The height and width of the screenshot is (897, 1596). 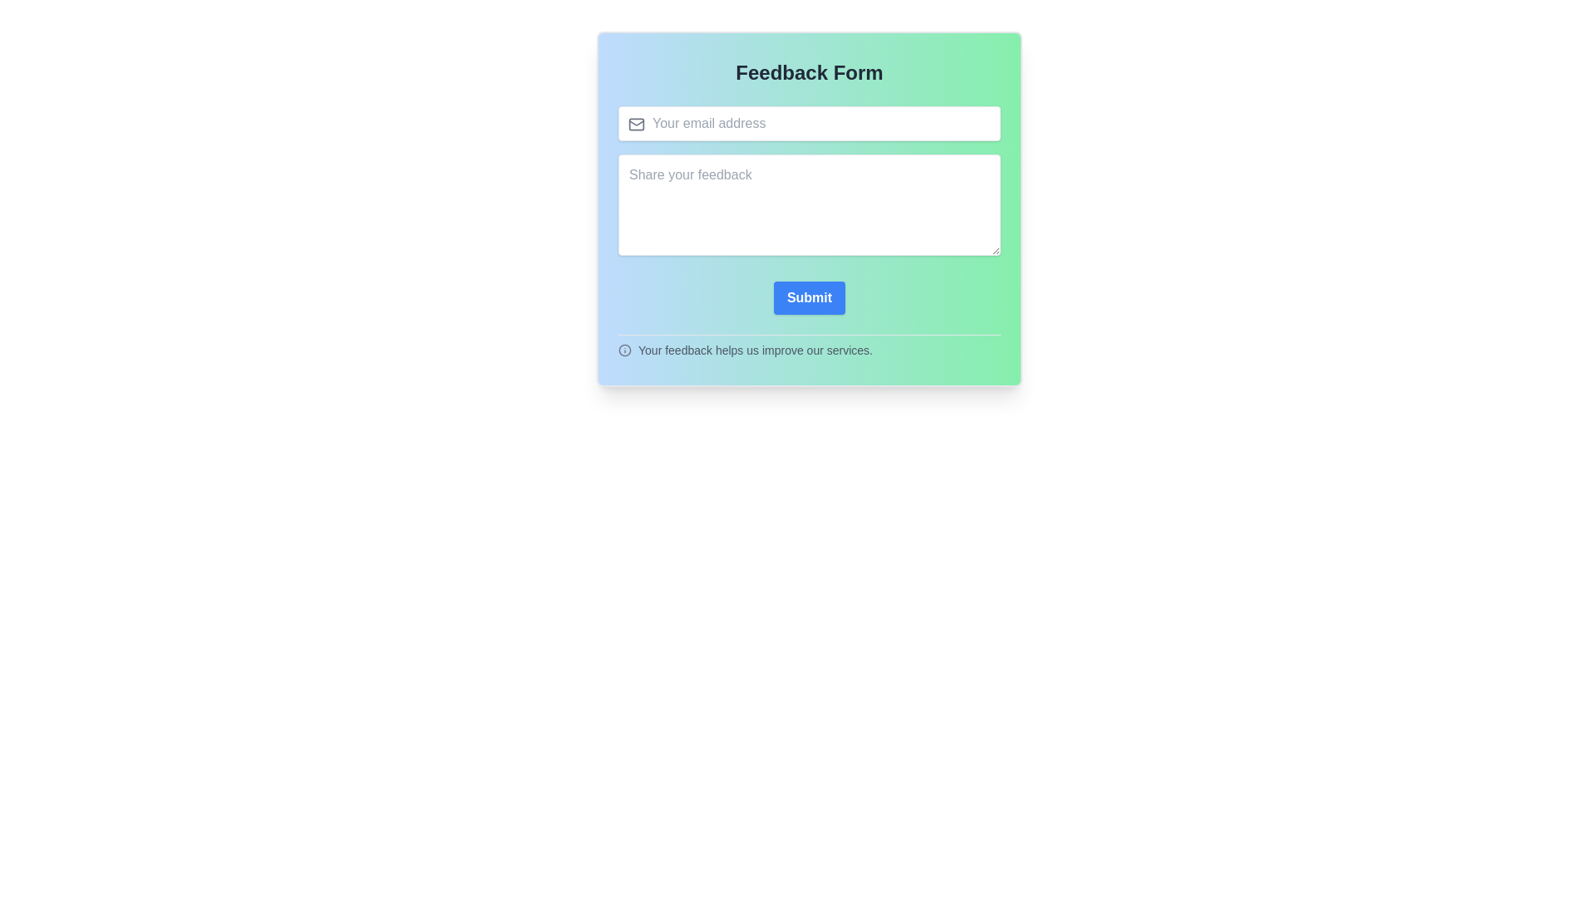 What do you see at coordinates (636, 121) in the screenshot?
I see `the envelope icon SVG graphic in the upper-left corner of the email input field within the Feedback Form` at bounding box center [636, 121].